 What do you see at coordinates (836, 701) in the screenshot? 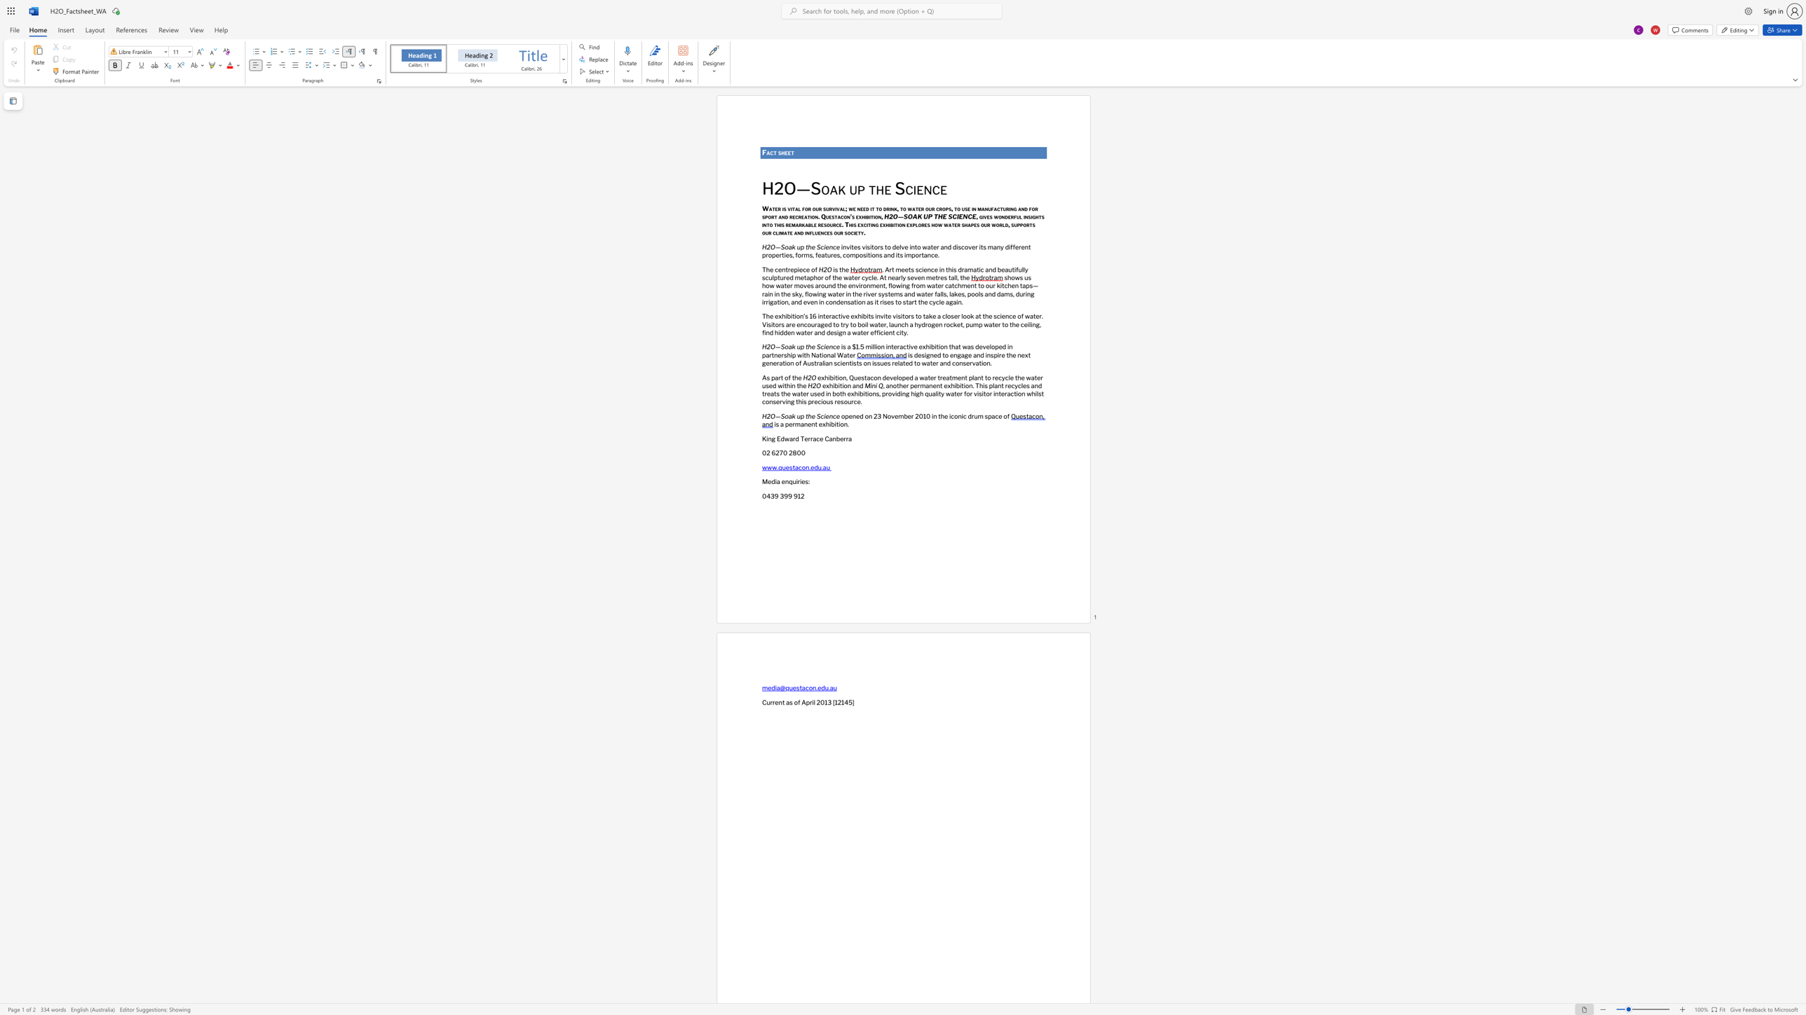
I see `the subset text "214" within the text "Current as of April 2013 [12145]"` at bounding box center [836, 701].